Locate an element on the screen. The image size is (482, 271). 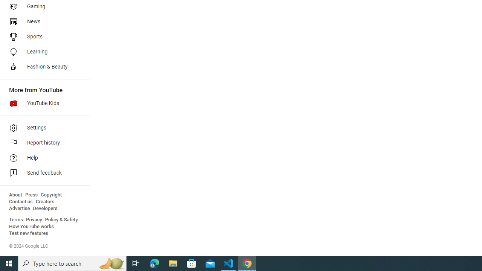
'Advertise' is located at coordinates (19, 209).